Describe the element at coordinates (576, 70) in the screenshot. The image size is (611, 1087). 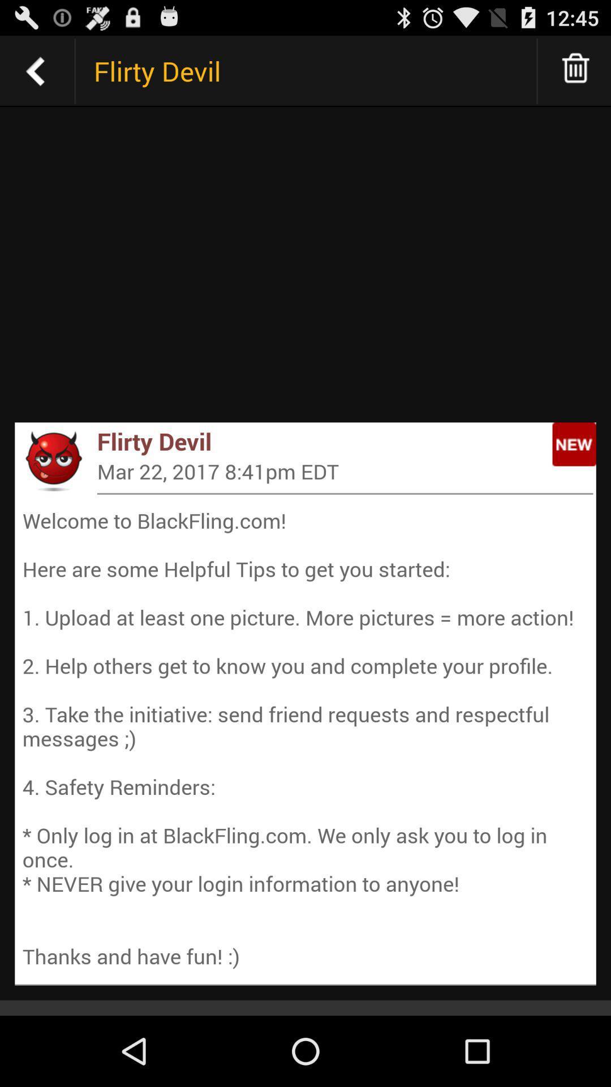
I see `delete` at that location.